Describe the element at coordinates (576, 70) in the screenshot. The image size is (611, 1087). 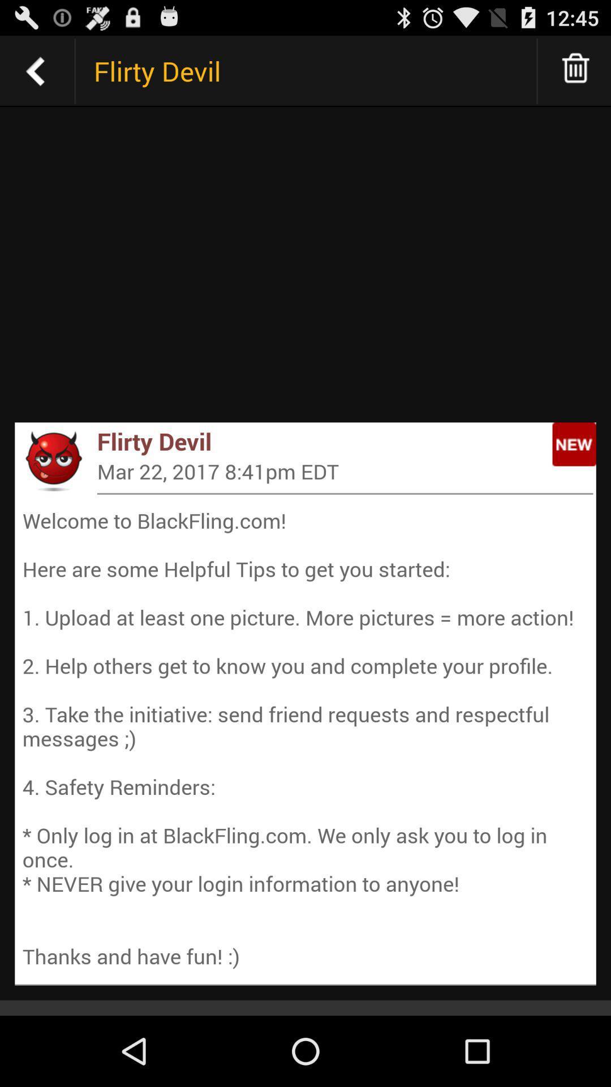
I see `delete` at that location.